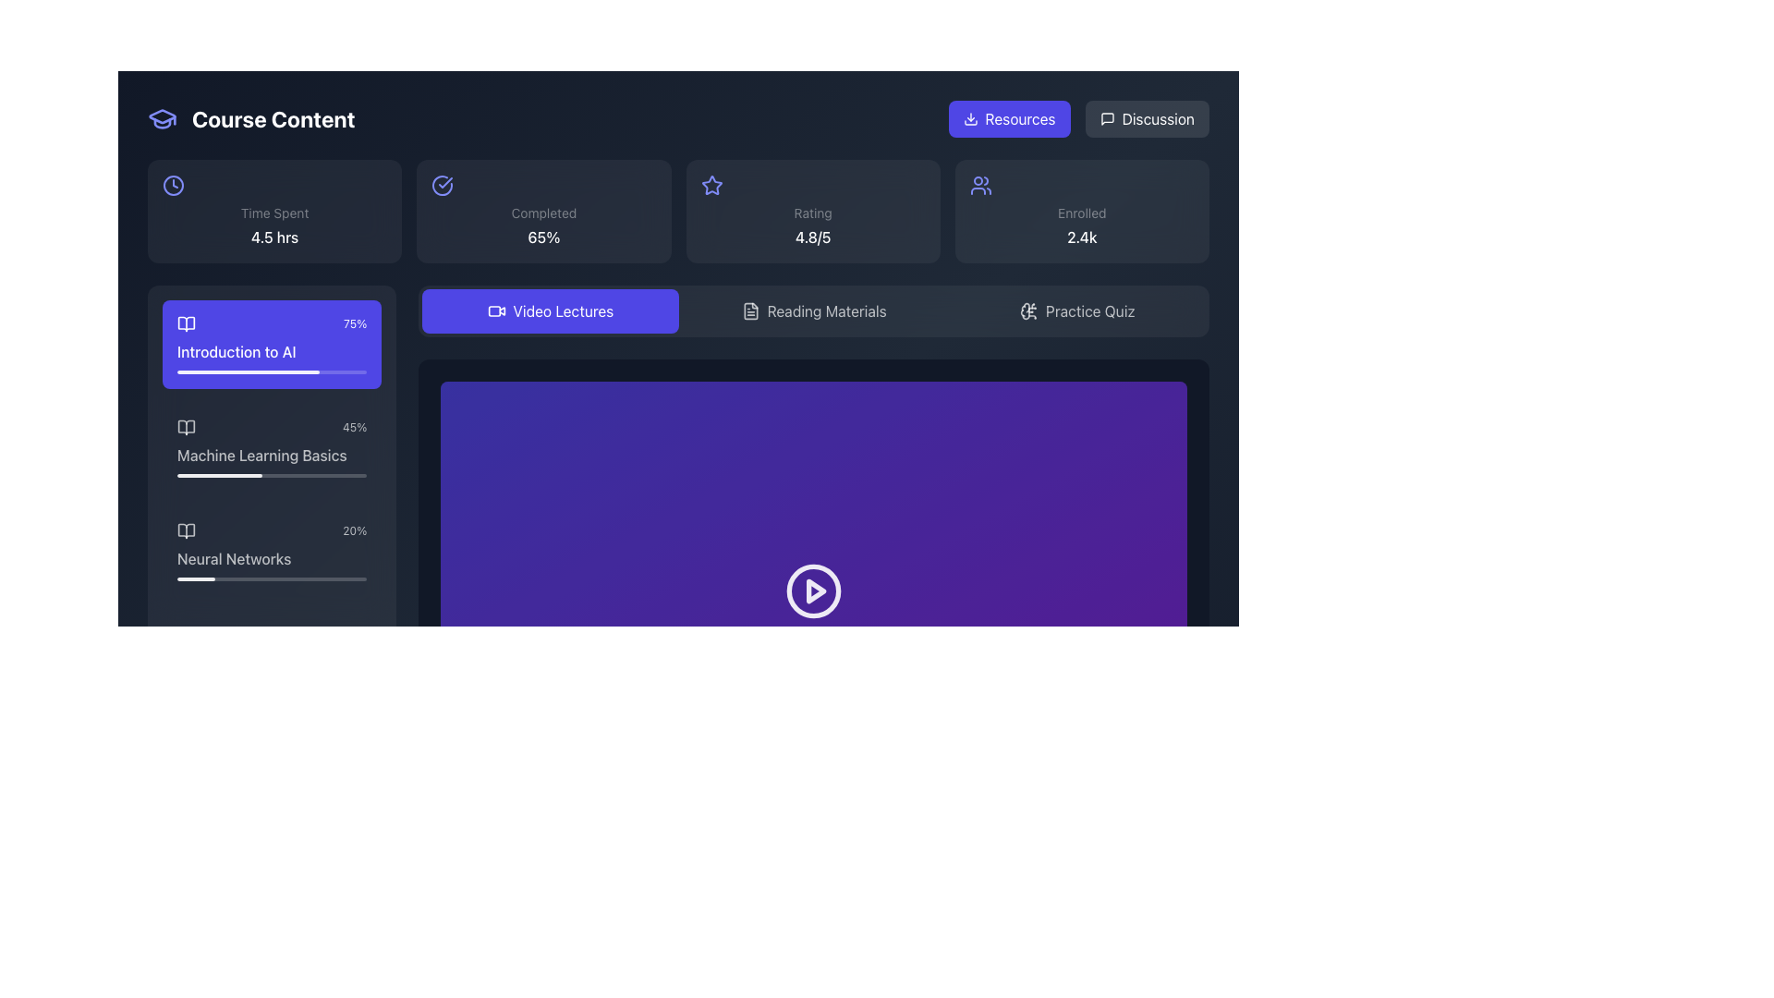 The height and width of the screenshot is (998, 1774). Describe the element at coordinates (549, 310) in the screenshot. I see `the 'Video Lectures' button, which is a rectangular button with a vibrant purple background, rounded corners, and a white video camera icon on the left` at that location.